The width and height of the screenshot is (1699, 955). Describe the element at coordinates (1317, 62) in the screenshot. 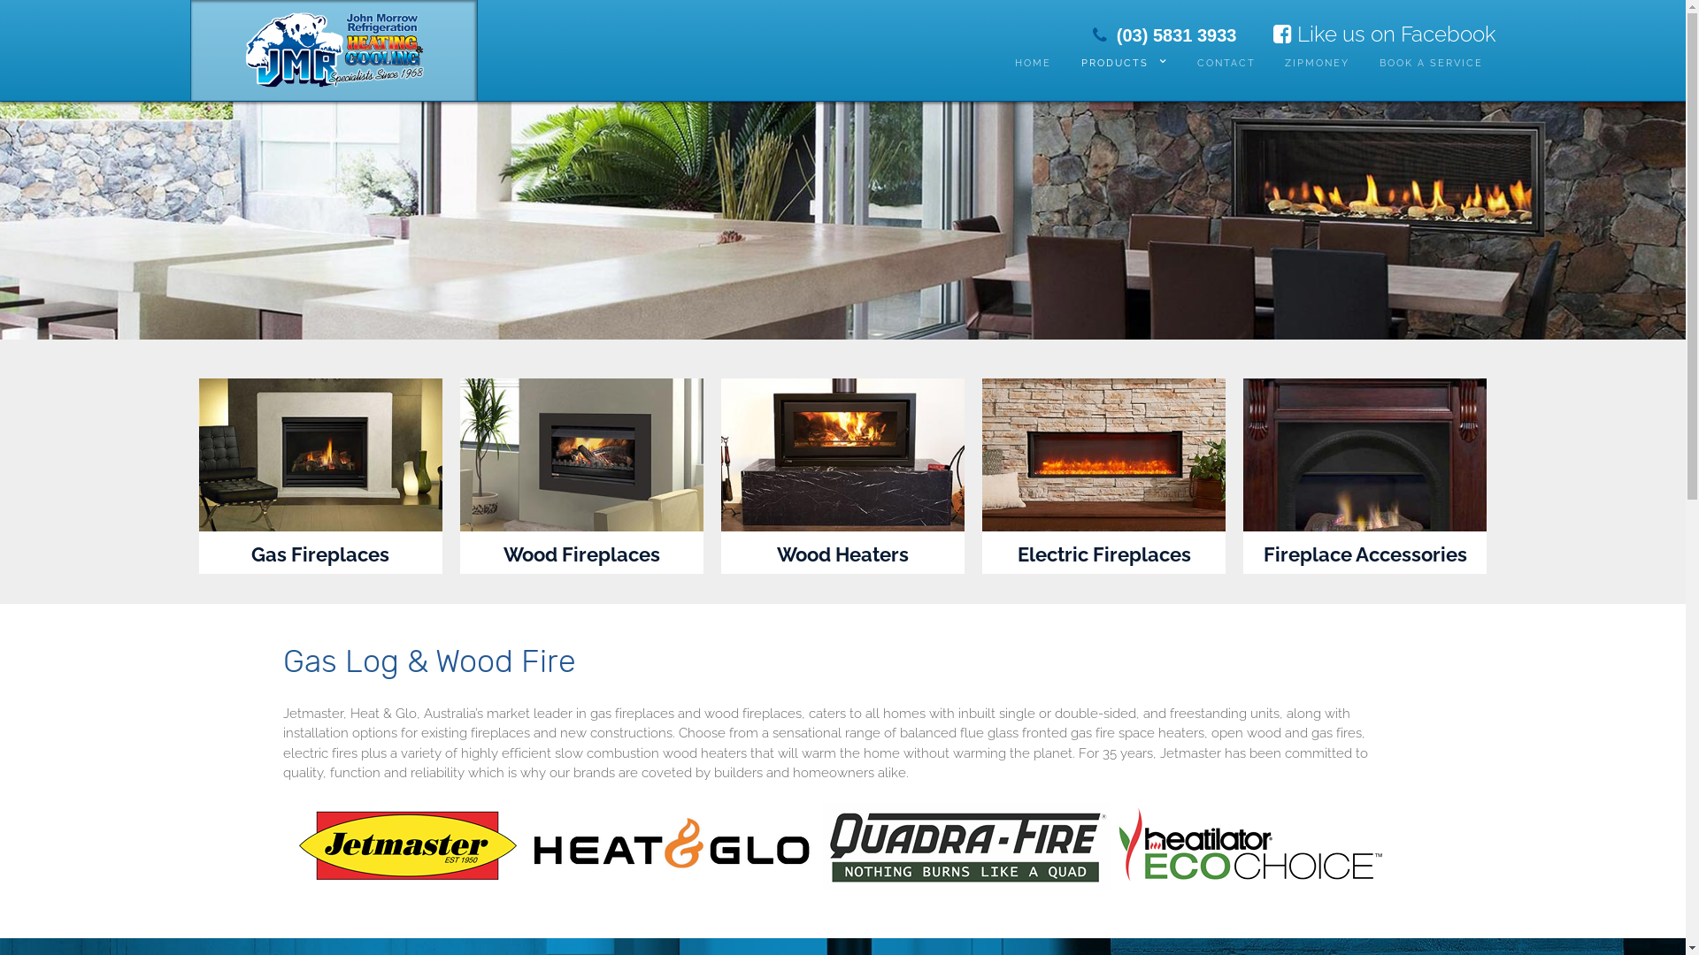

I see `'ZIPMONEY'` at that location.